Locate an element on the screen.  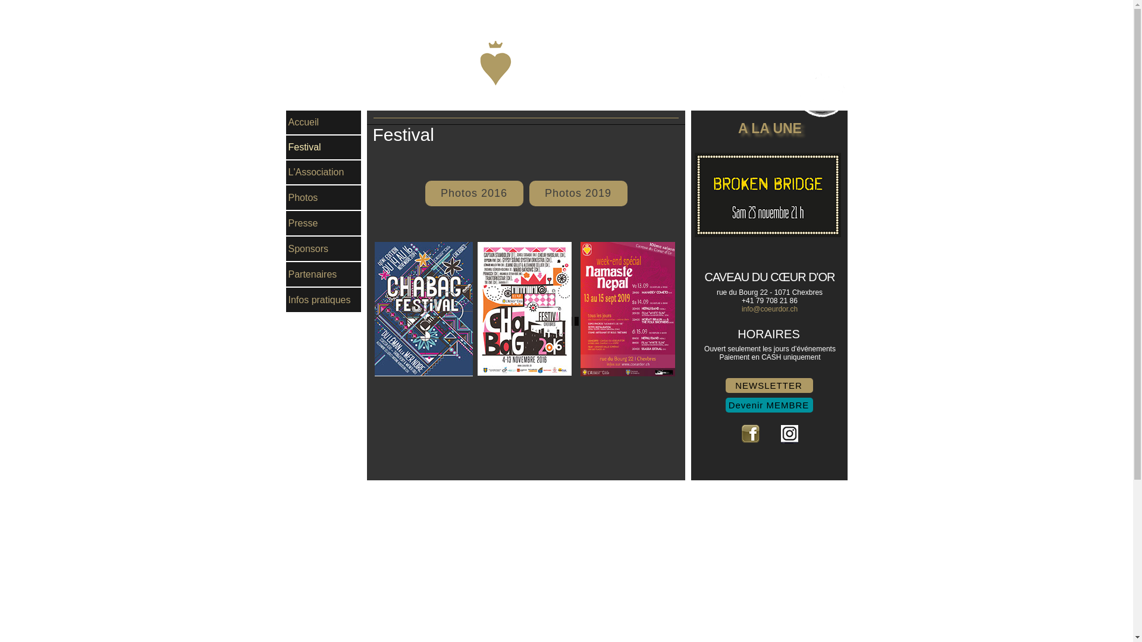
'Infos pratiques' is located at coordinates (322, 299).